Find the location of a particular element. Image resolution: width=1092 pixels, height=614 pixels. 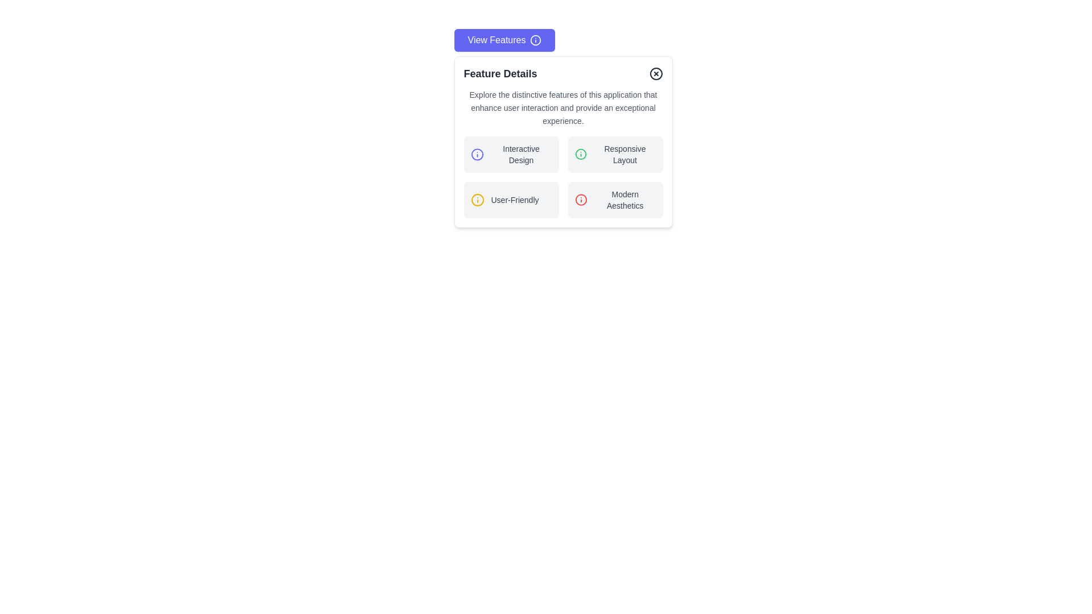

the button or clickable panel located in the upper right quadrant of the grid layout, specifically the second item to the right of 'Interactive Design' and above 'Modern Aesthetics.' is located at coordinates (614, 155).